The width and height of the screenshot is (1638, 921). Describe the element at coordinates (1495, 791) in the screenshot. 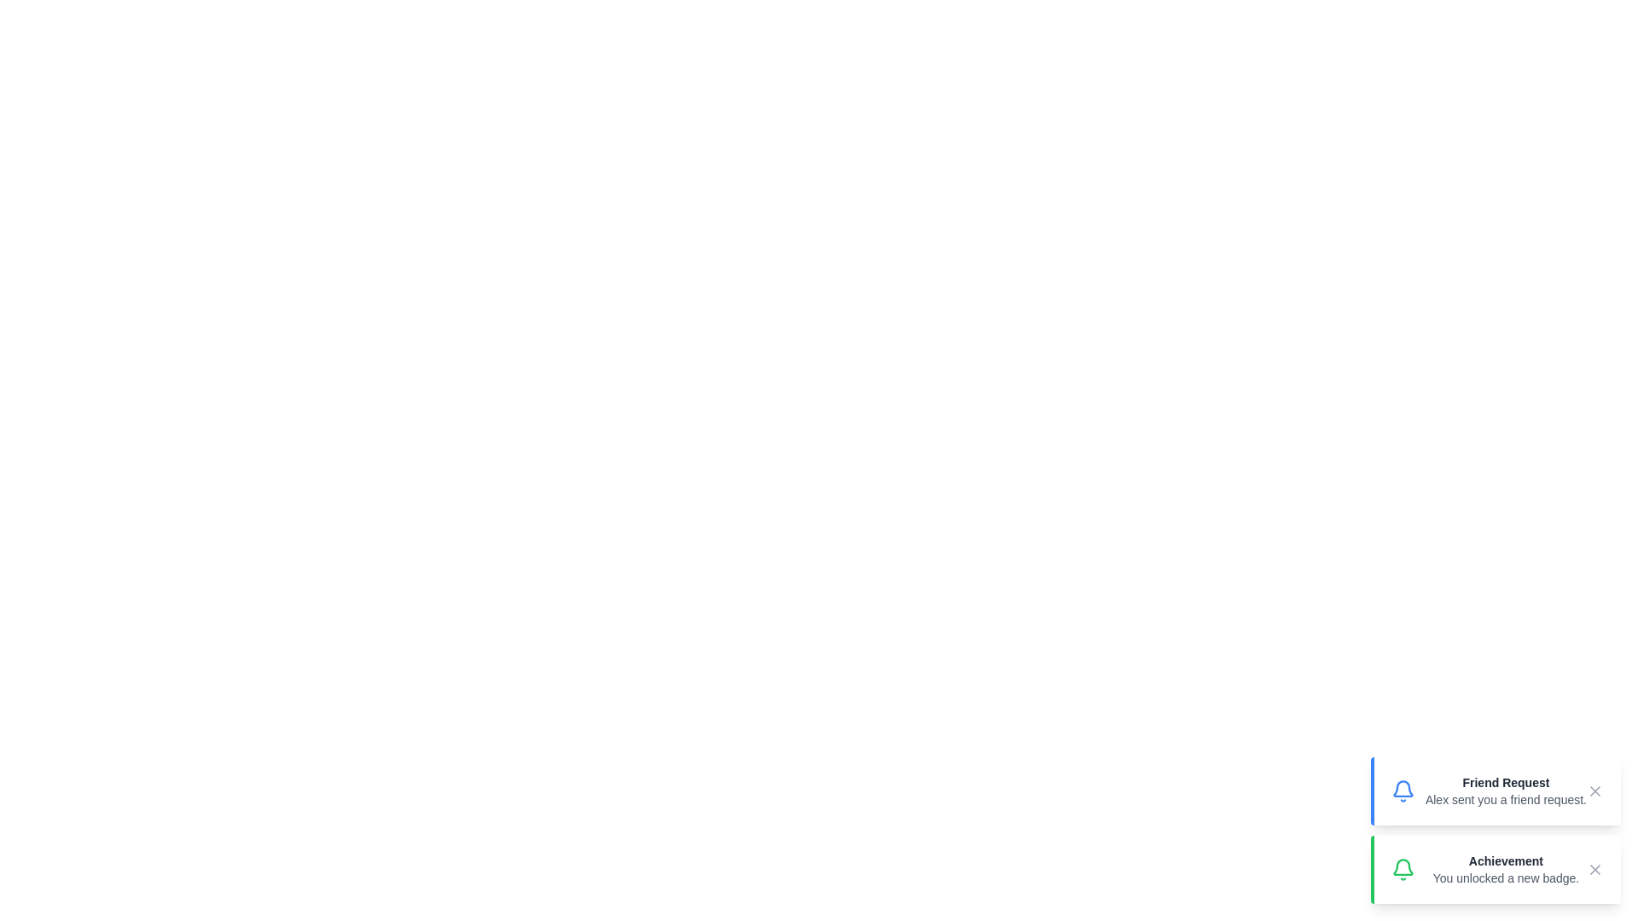

I see `the notification element to interact with it. Specify the notification to interact with using the parameter Friend Request` at that location.